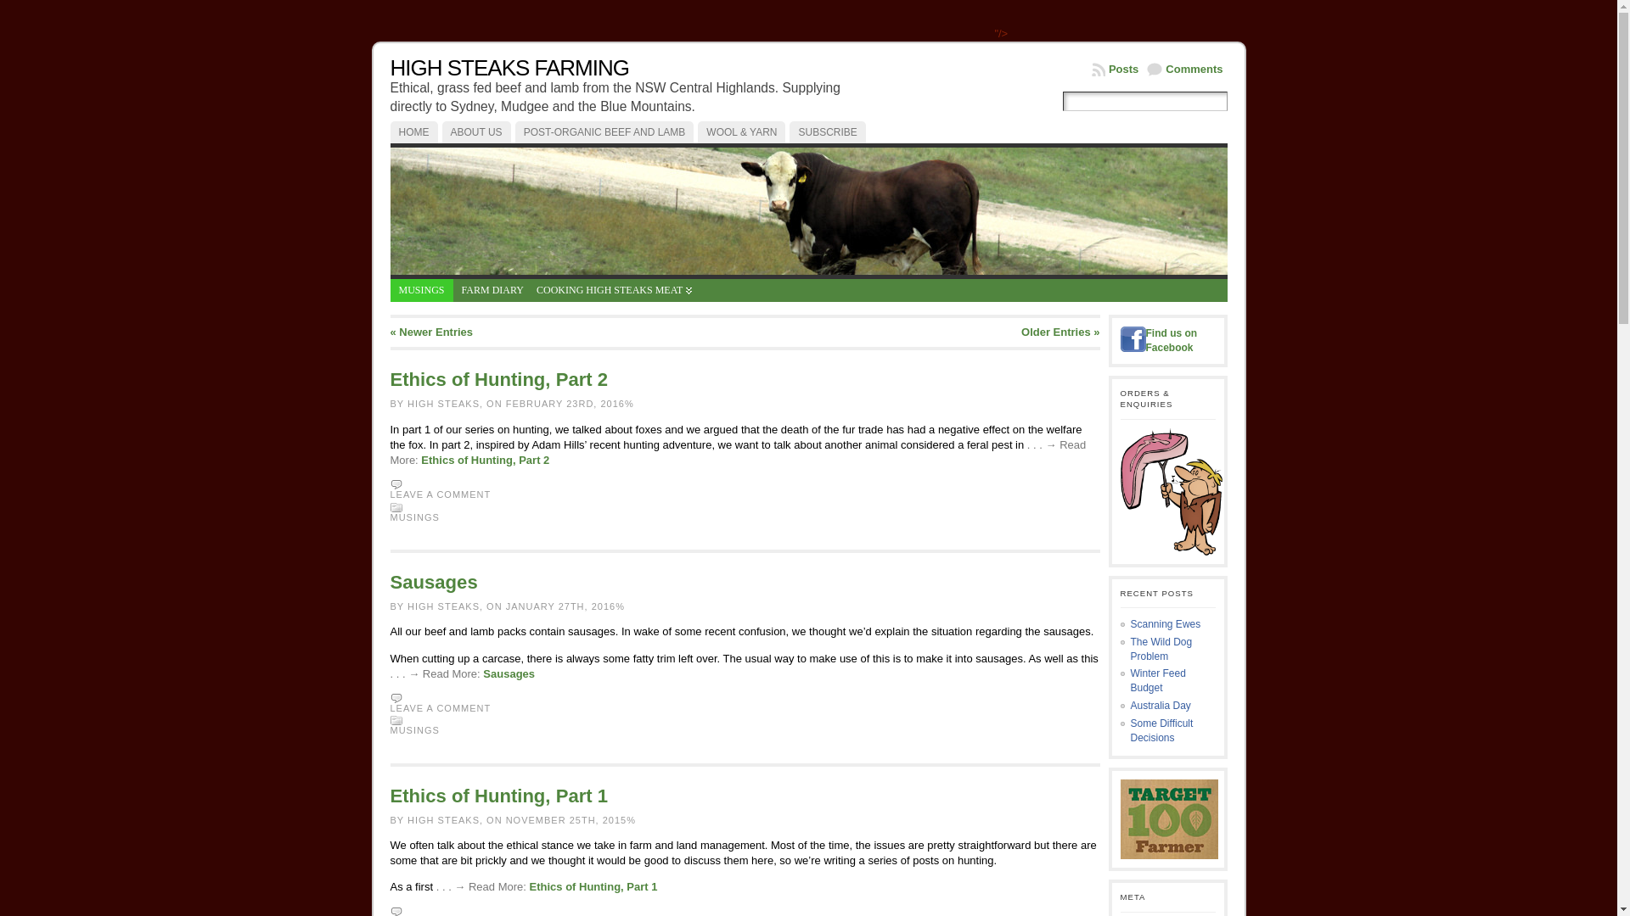  What do you see at coordinates (441, 707) in the screenshot?
I see `'LEAVE A COMMENT'` at bounding box center [441, 707].